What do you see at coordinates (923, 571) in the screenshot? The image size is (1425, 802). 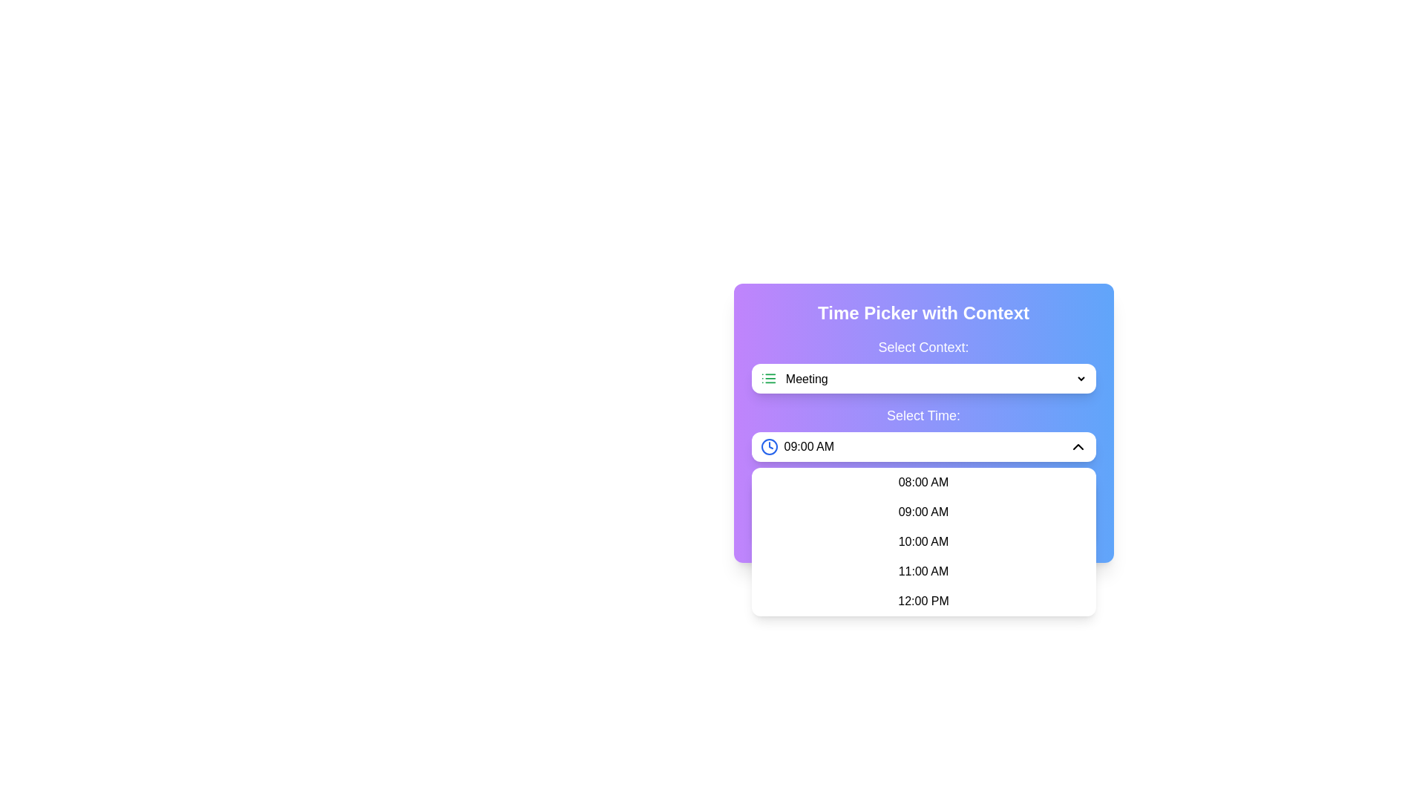 I see `the selectable time option '11:00 AM' in the dropdown to trigger a visual change` at bounding box center [923, 571].